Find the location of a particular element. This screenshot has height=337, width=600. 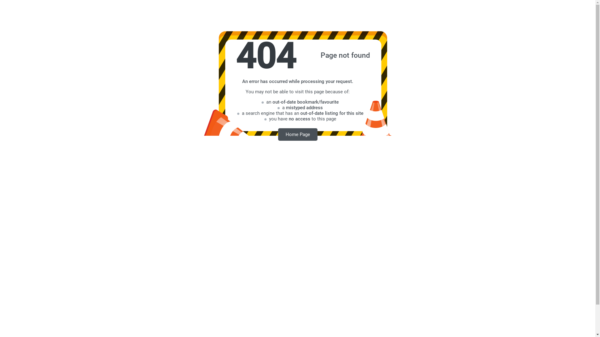

'Home Page' is located at coordinates (297, 134).